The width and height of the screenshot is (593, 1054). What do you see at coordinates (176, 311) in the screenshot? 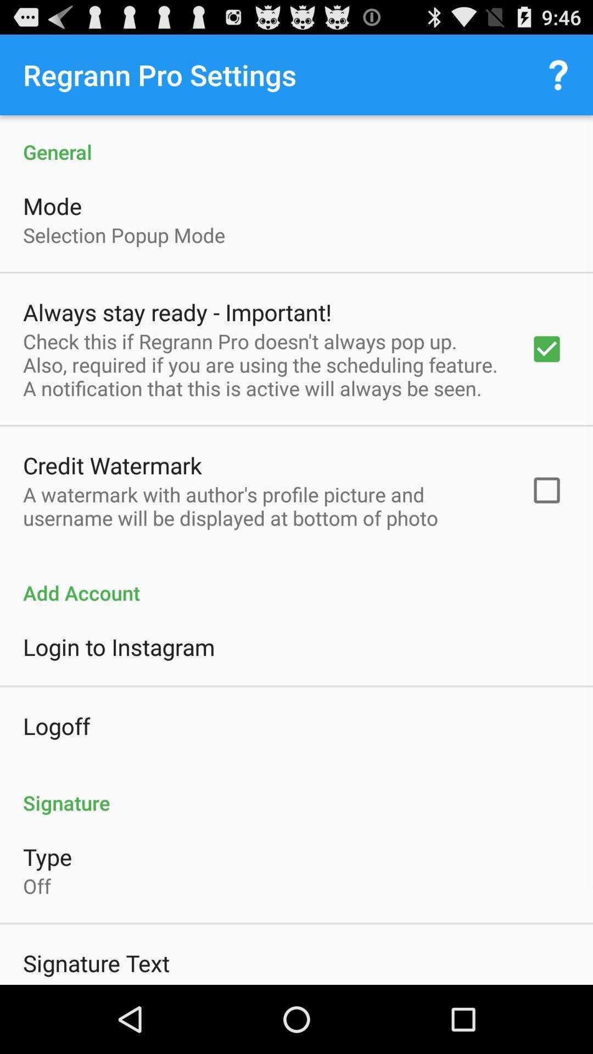
I see `the item above check this if item` at bounding box center [176, 311].